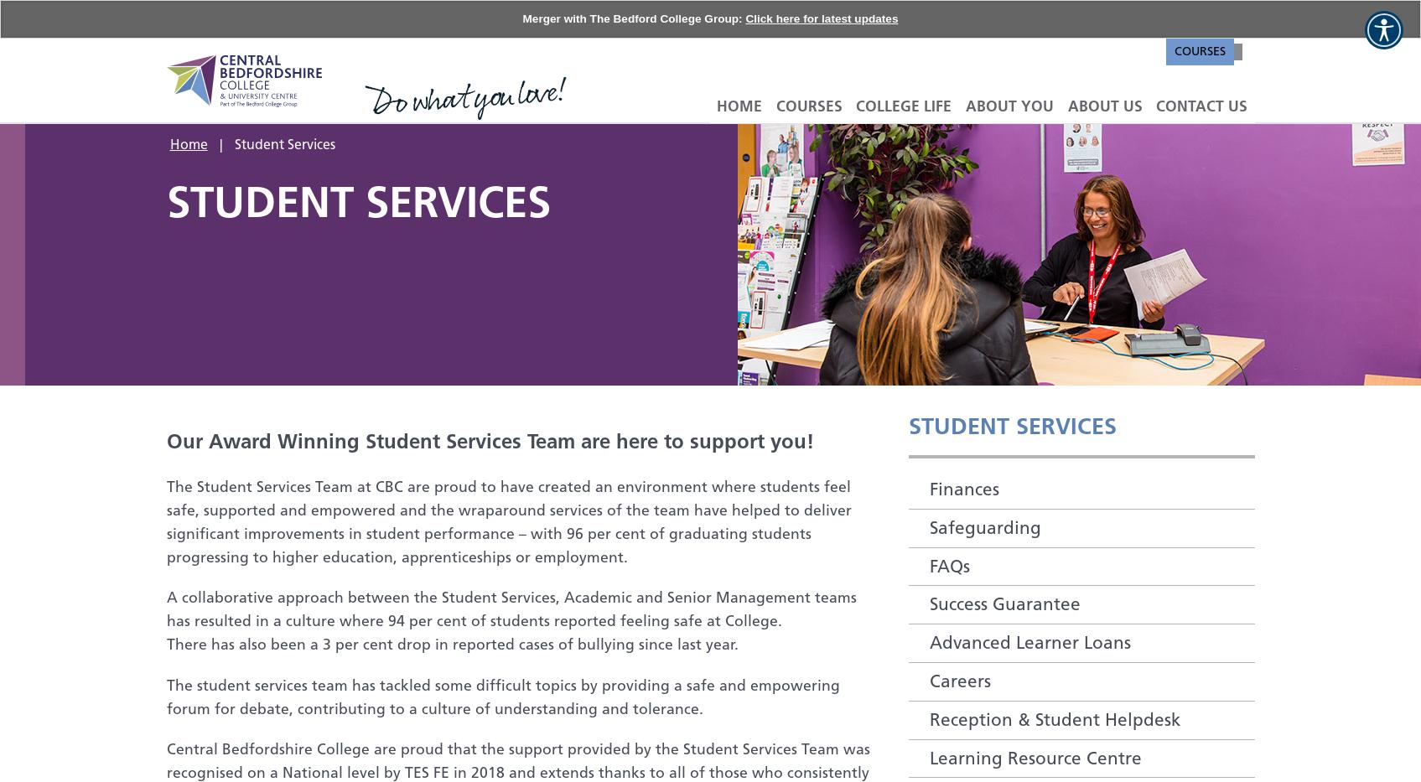 The image size is (1421, 782). What do you see at coordinates (501, 695) in the screenshot?
I see `'The student services team has tackled some difficult topics by providing a safe and empowering forum for debate, contributing to a culture of understanding and tolerance.'` at bounding box center [501, 695].